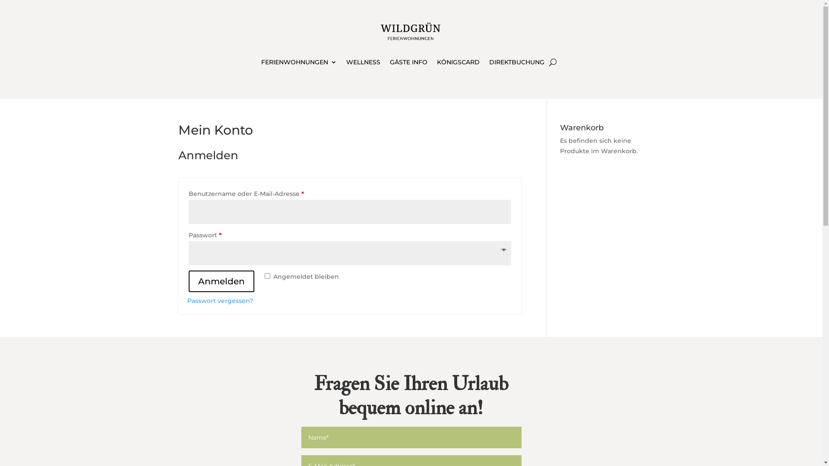  What do you see at coordinates (221, 281) in the screenshot?
I see `'Anmelden'` at bounding box center [221, 281].